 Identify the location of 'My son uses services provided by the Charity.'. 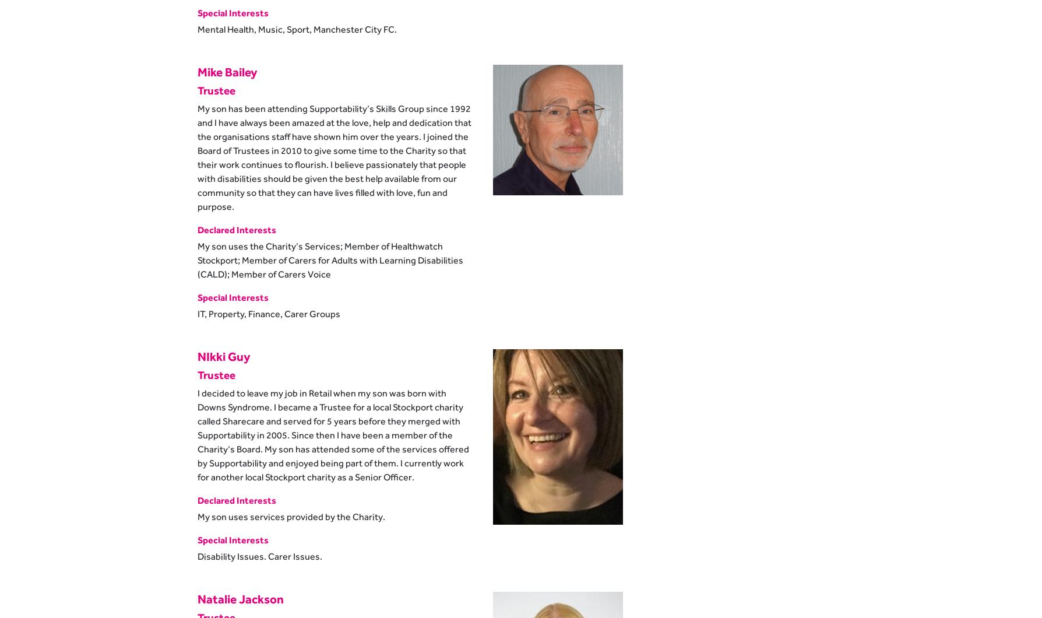
(291, 516).